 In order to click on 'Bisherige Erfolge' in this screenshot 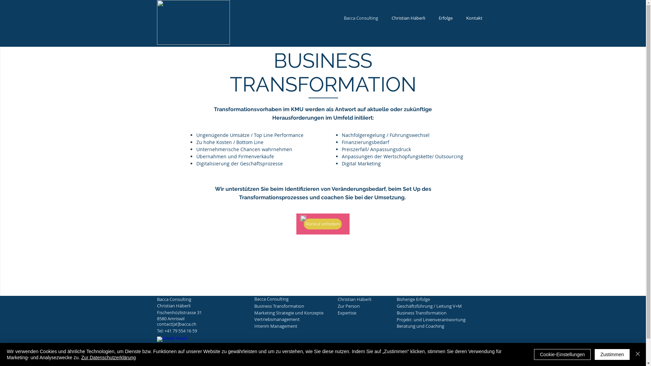, I will do `click(431, 299)`.